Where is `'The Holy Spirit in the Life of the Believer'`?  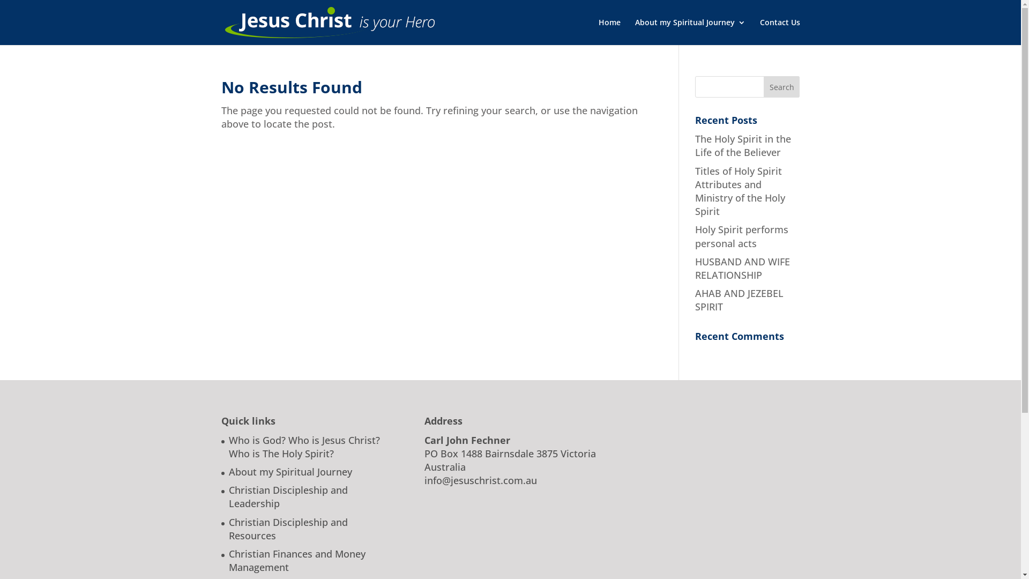 'The Holy Spirit in the Life of the Believer' is located at coordinates (695, 145).